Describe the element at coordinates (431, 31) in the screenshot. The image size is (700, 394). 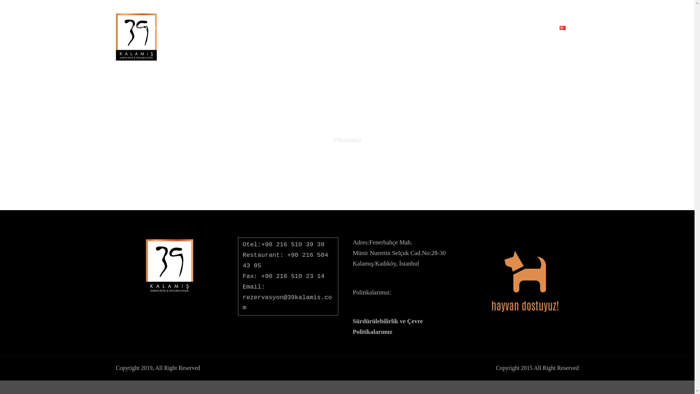
I see `'HIKAYEMIZ'` at that location.